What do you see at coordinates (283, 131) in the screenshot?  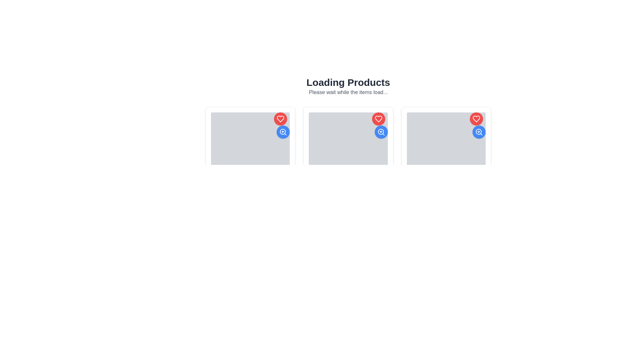 I see `the zoom-in icon represented by a magnifying glass located in the bottom-right corner of the second card in a grid of three items` at bounding box center [283, 131].